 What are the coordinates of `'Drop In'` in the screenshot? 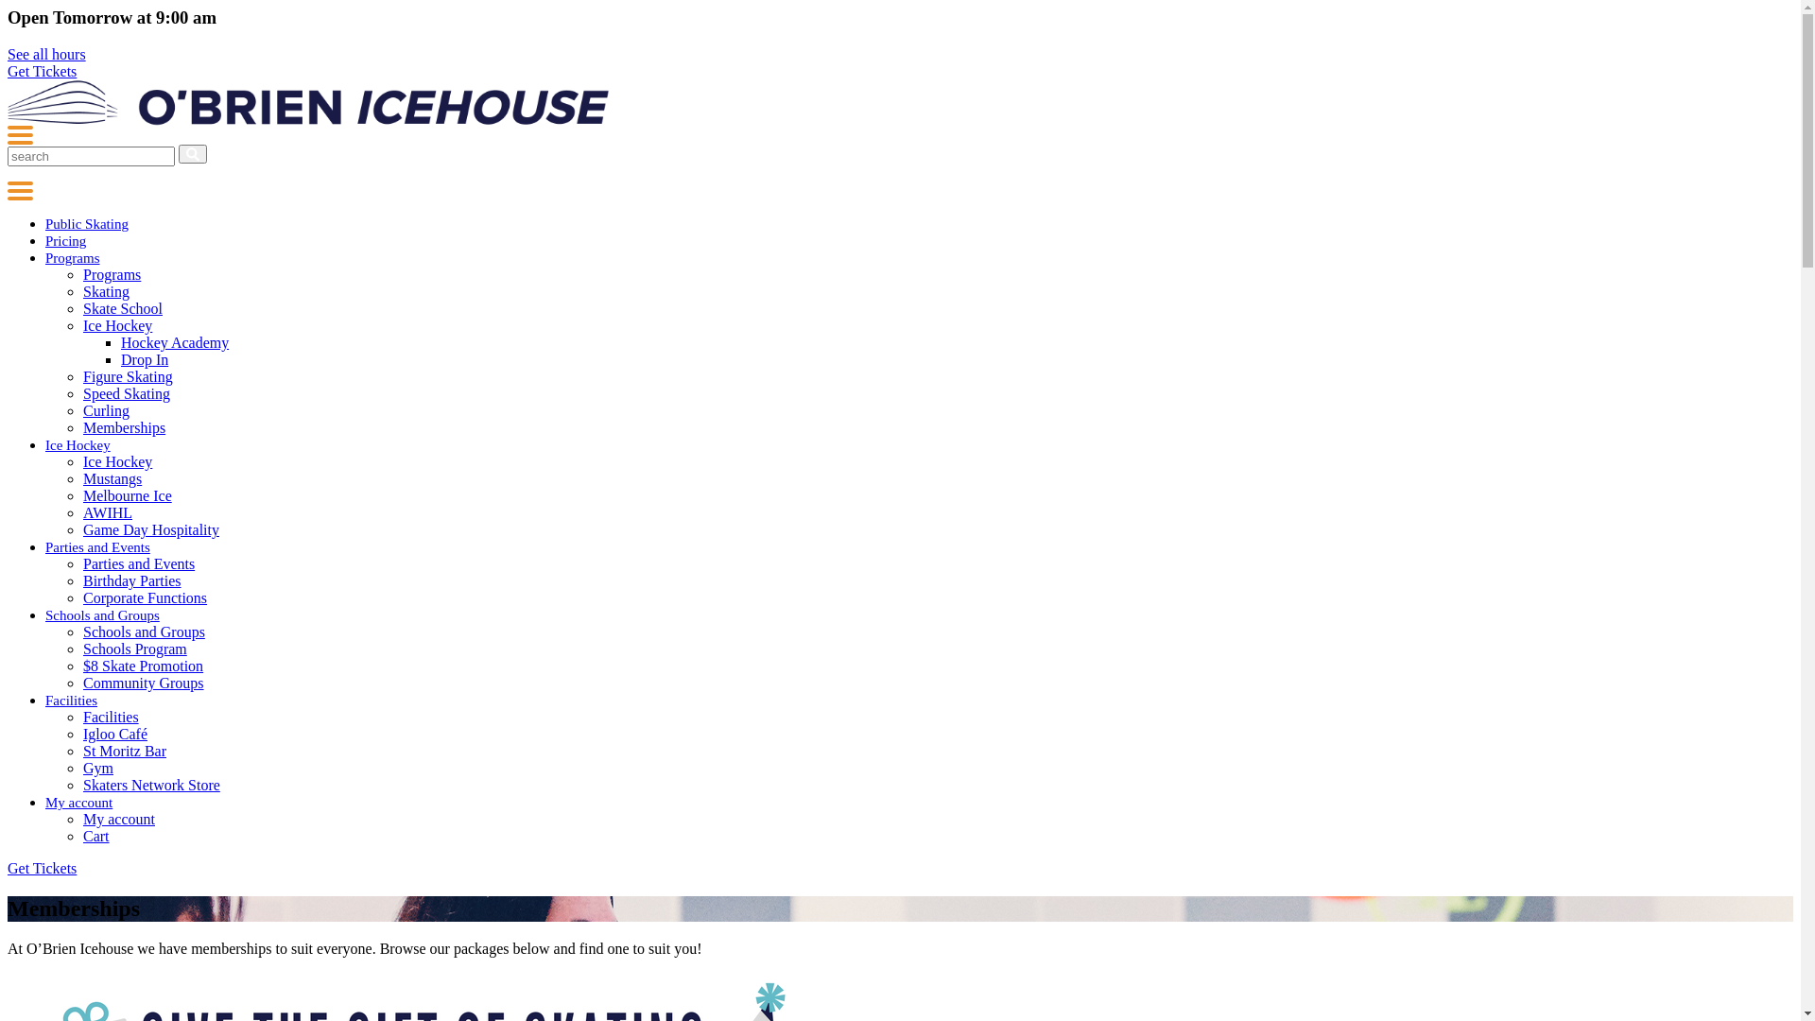 It's located at (144, 359).